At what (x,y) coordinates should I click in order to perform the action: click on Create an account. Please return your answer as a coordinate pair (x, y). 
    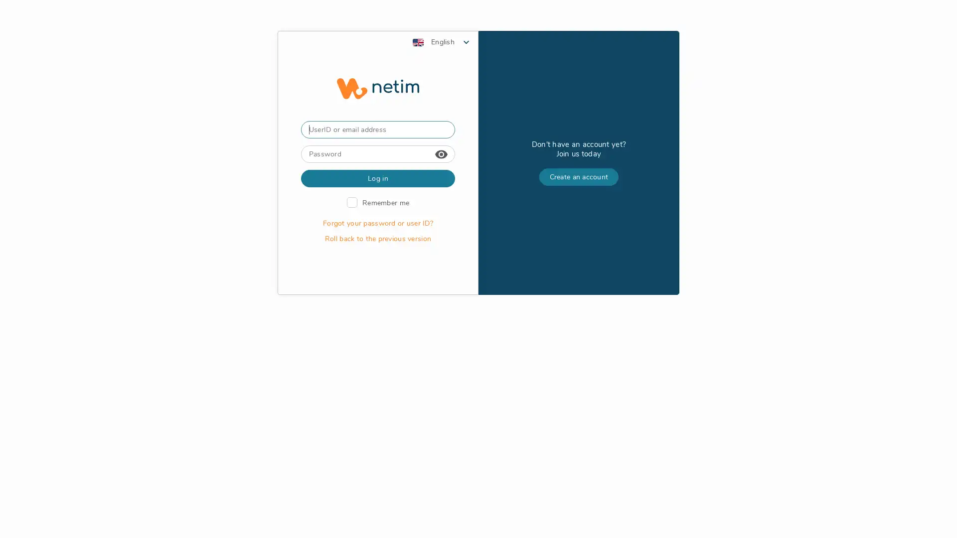
    Looking at the image, I should click on (579, 282).